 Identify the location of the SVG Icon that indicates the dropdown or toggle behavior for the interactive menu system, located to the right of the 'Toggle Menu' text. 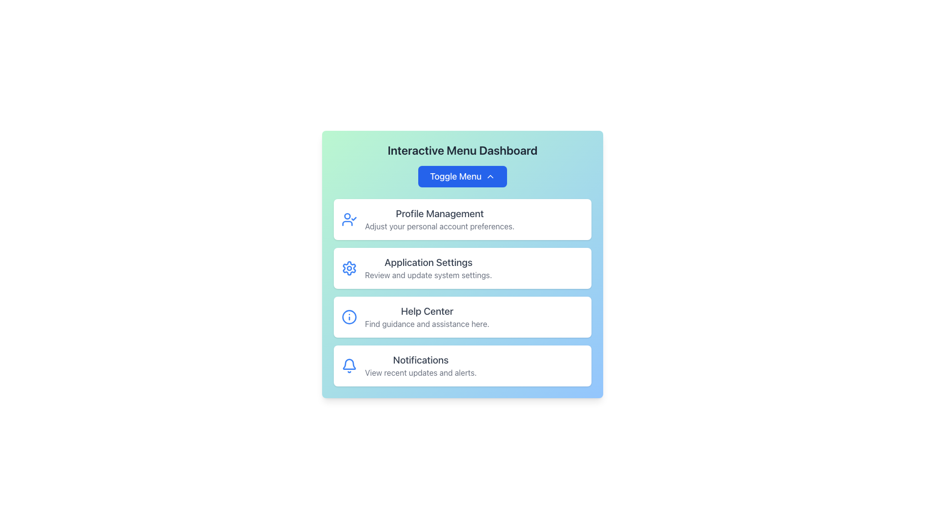
(490, 177).